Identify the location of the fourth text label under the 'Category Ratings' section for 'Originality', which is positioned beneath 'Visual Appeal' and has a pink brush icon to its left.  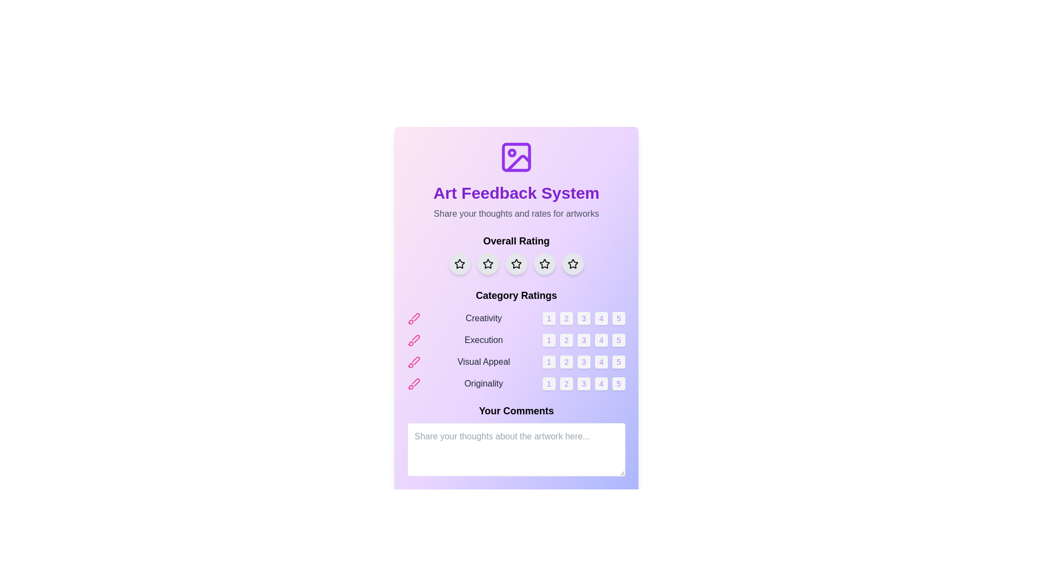
(483, 383).